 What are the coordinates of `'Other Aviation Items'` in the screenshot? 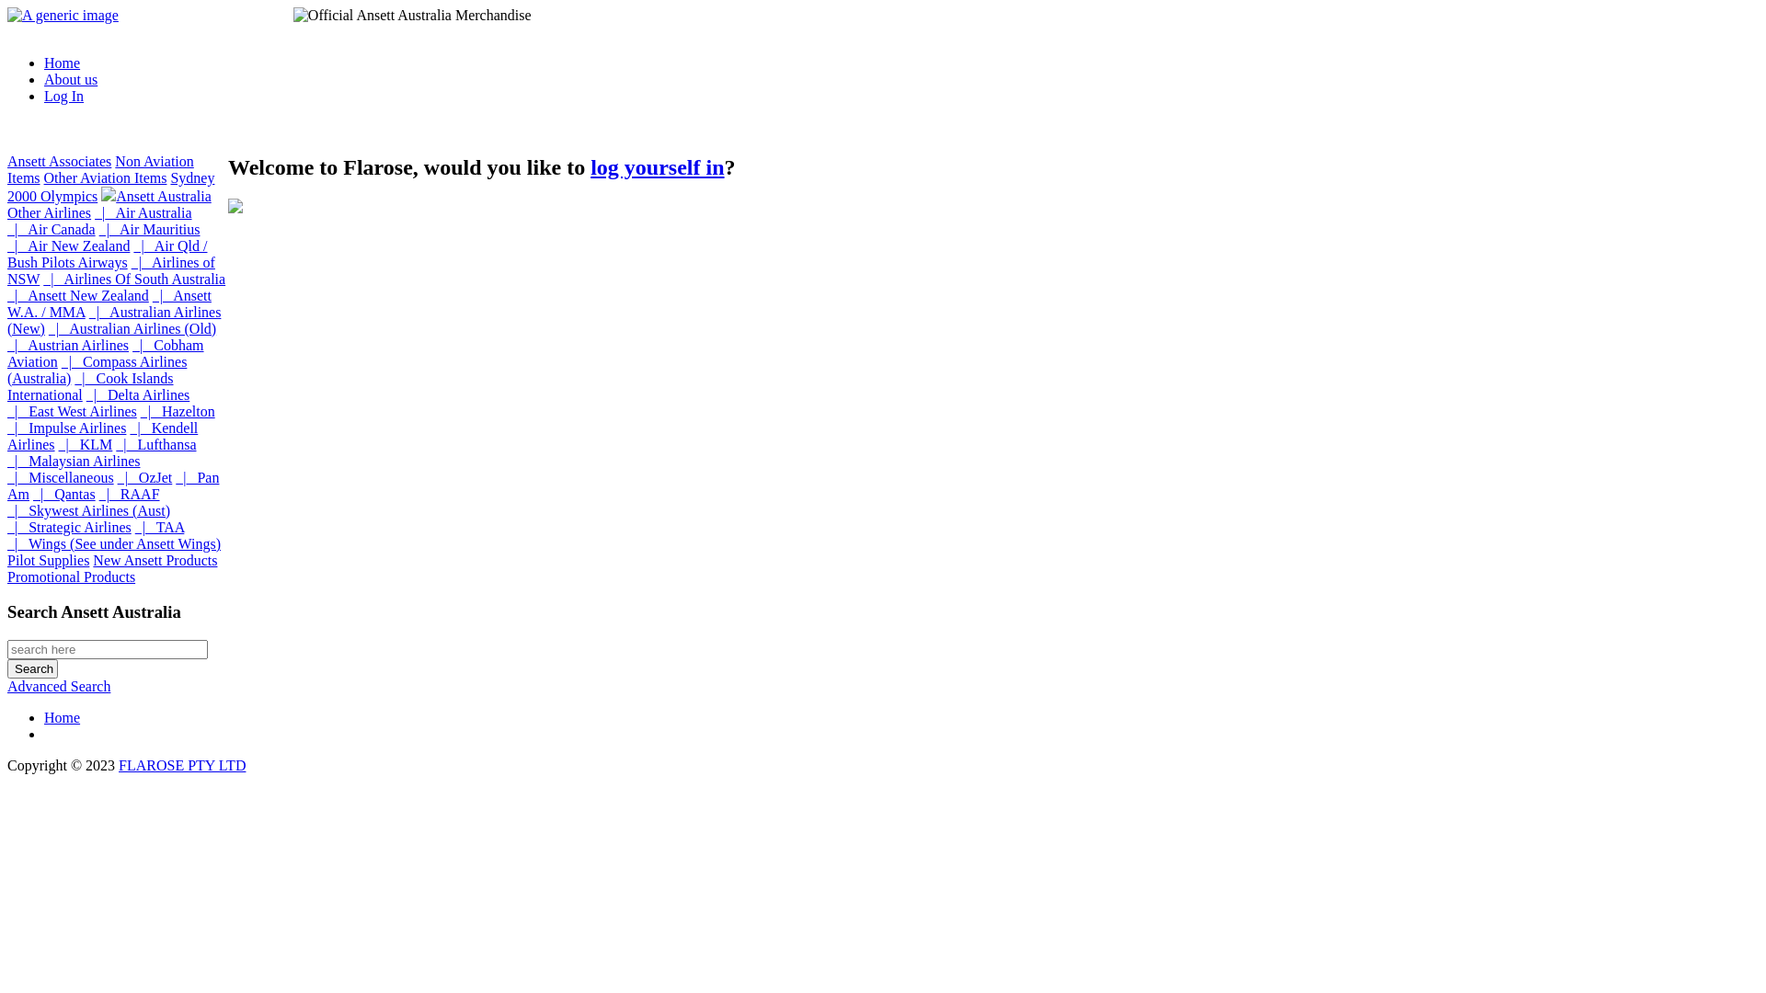 It's located at (105, 177).